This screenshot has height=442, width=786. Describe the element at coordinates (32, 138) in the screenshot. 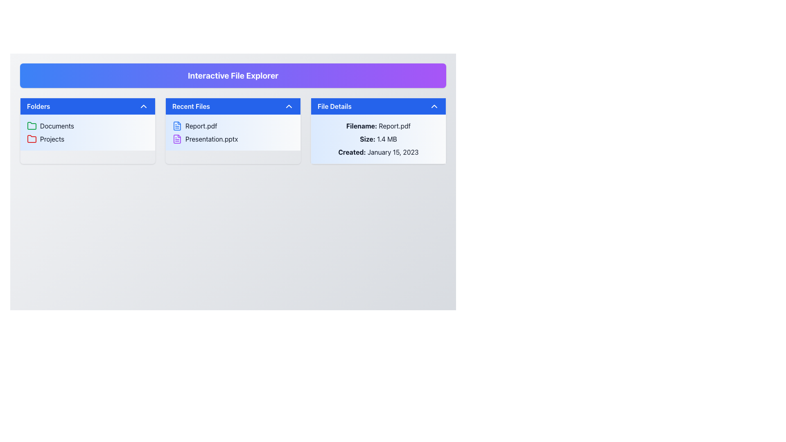

I see `the second folder icon in the 'Folders' section, which represents the 'Projects' section` at that location.